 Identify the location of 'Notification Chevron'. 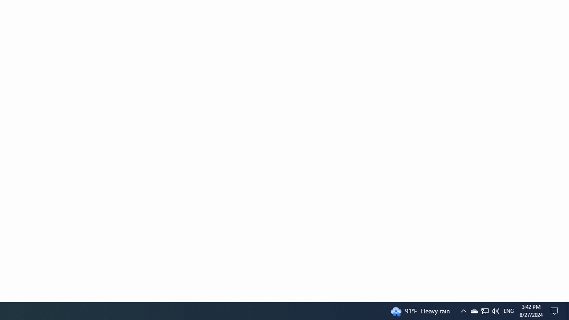
(463, 310).